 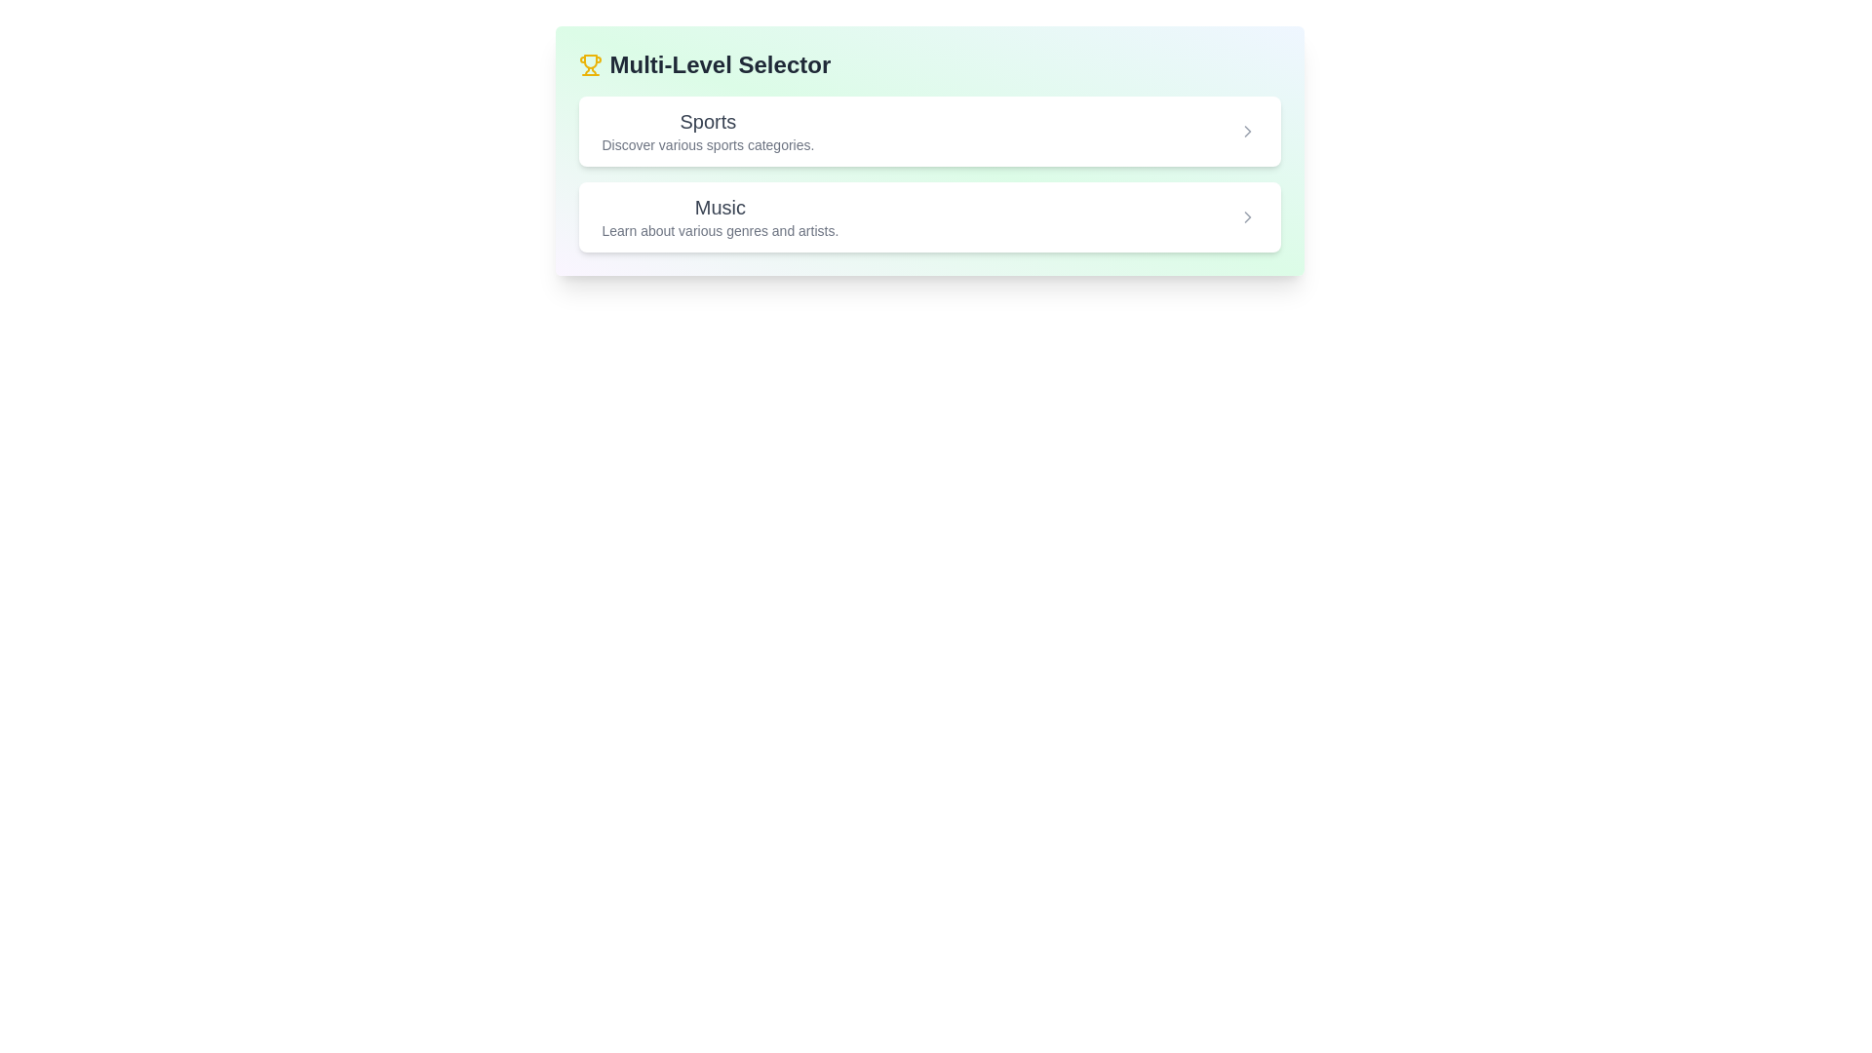 I want to click on the achievement icon located at the top-left corner of the interface, adjacent to the title 'Multi-Level Selector.', so click(x=589, y=63).